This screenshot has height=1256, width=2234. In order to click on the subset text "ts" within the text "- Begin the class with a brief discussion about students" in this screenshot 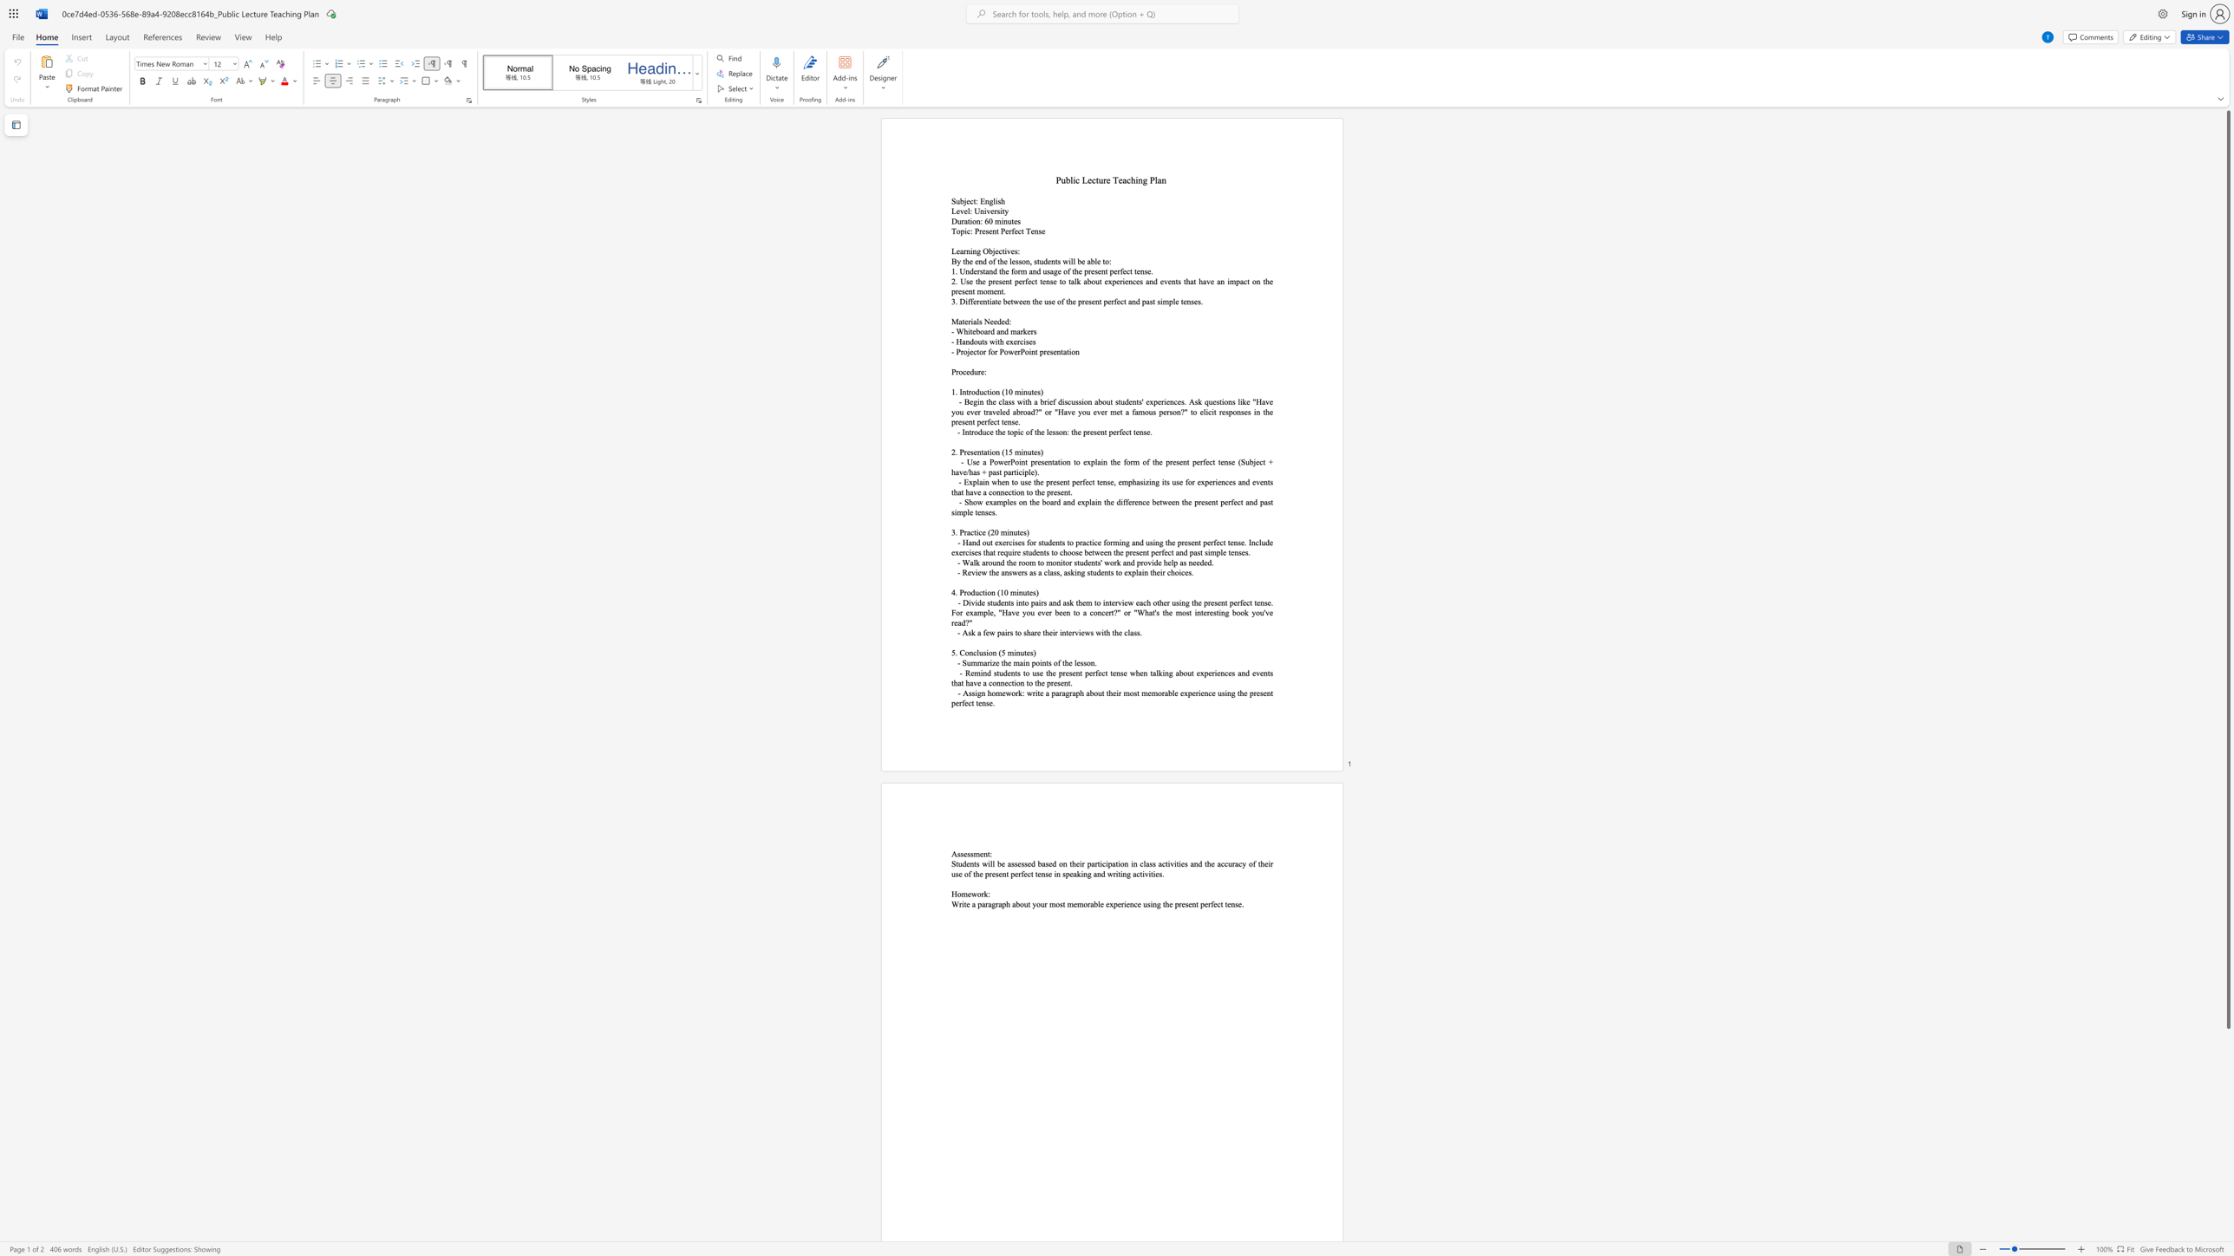, I will do `click(1135, 401)`.